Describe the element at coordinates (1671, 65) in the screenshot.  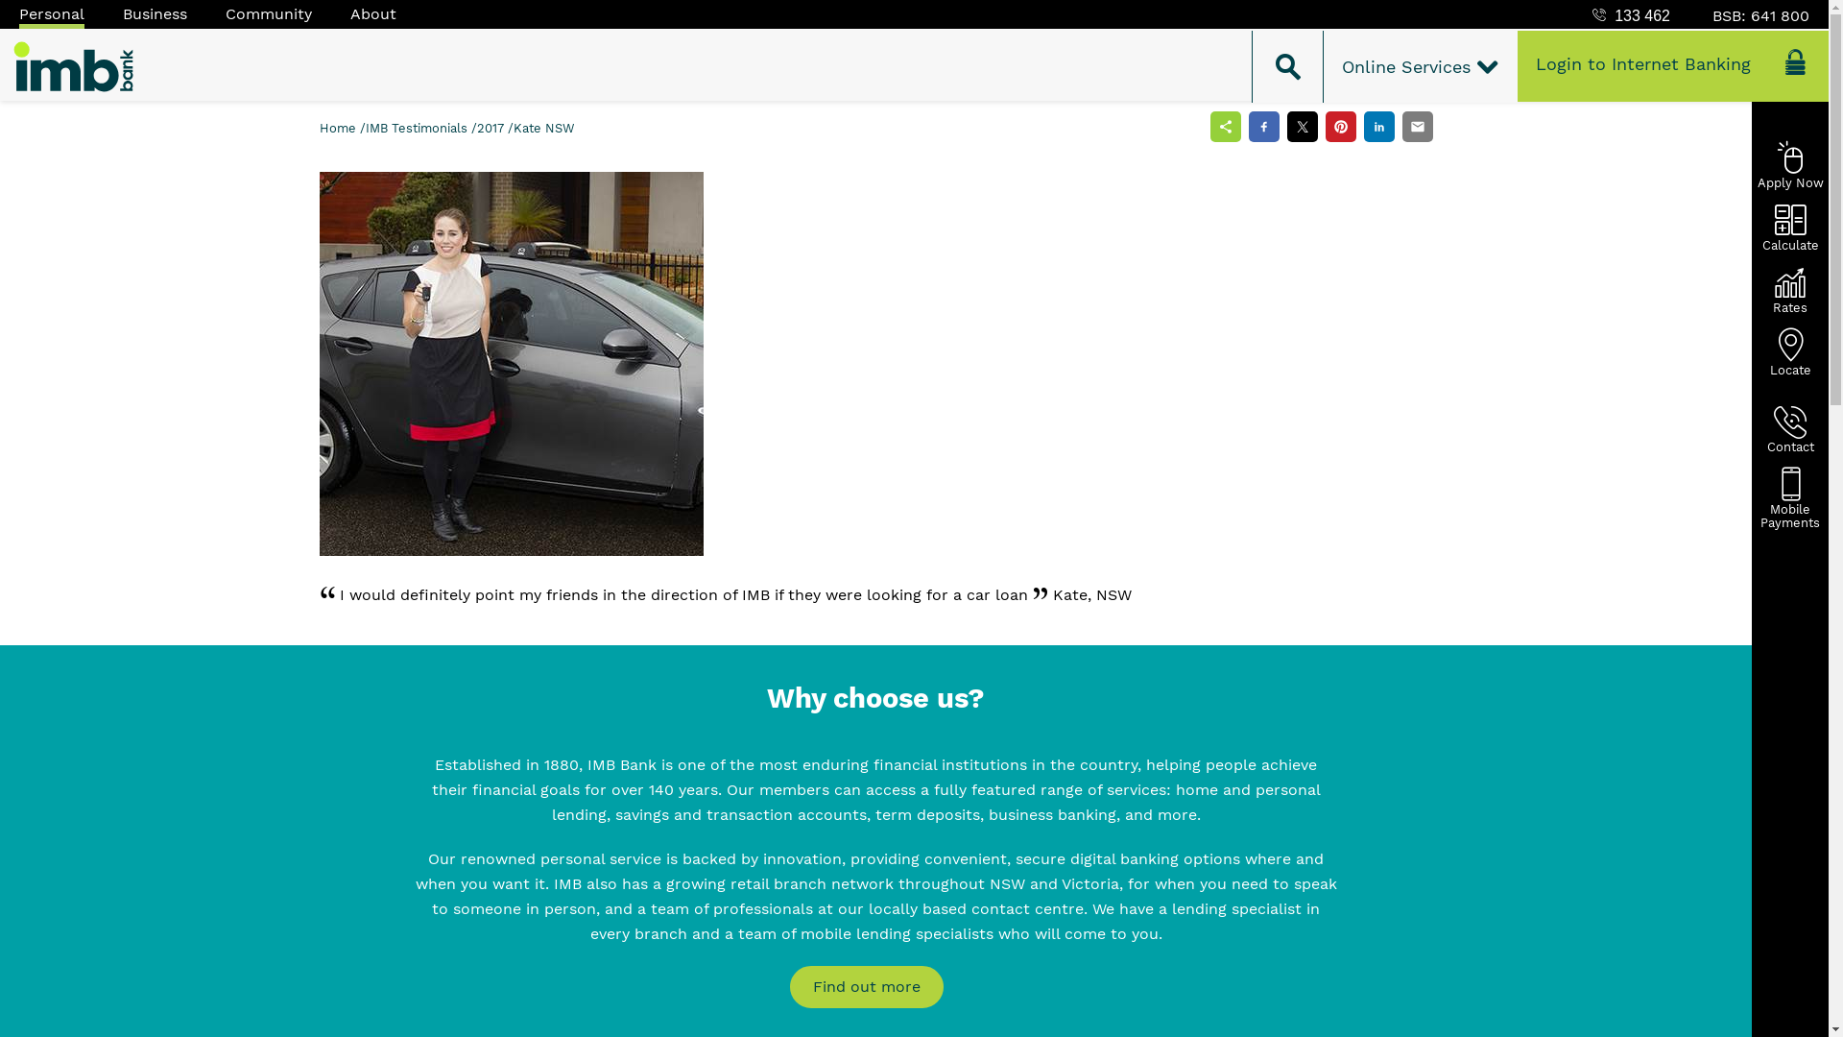
I see `'Login to Internet Banking'` at that location.